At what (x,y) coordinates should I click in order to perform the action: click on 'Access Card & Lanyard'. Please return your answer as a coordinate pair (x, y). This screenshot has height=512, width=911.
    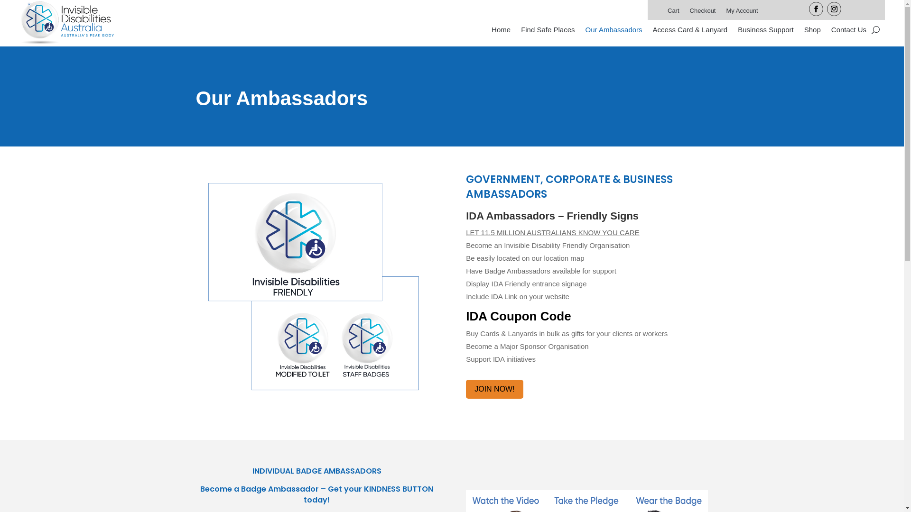
    Looking at the image, I should click on (652, 31).